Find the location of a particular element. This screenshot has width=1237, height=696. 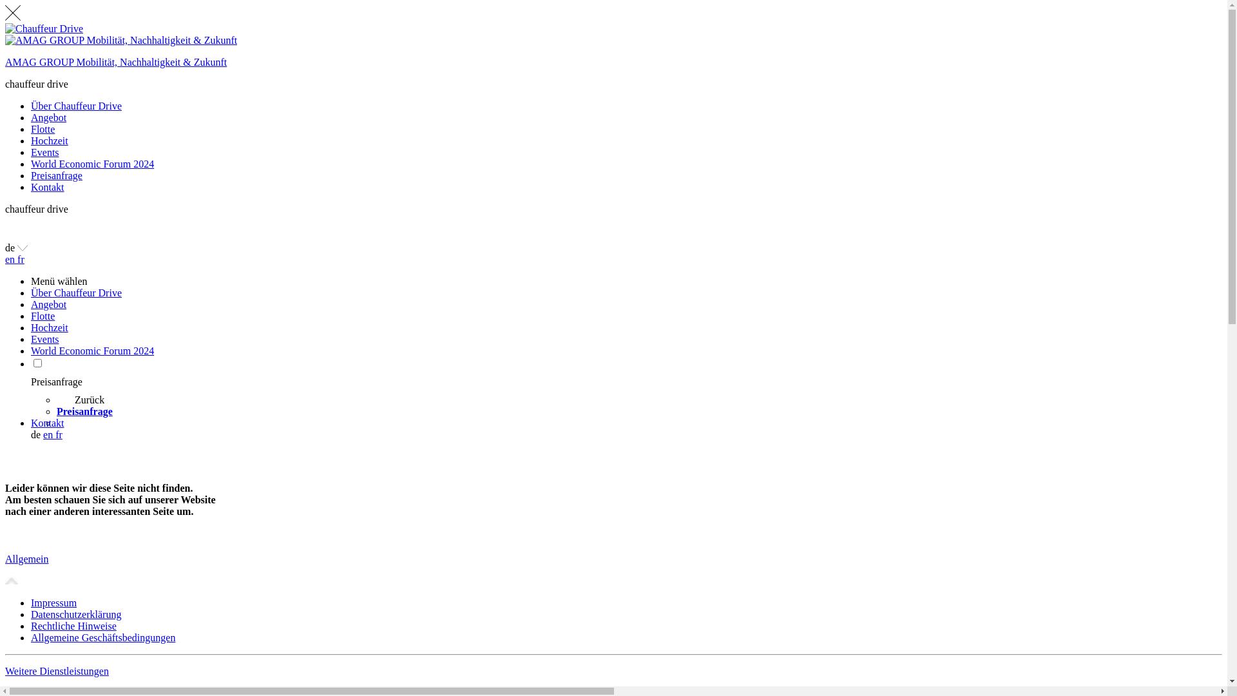

'Angebot' is located at coordinates (48, 117).